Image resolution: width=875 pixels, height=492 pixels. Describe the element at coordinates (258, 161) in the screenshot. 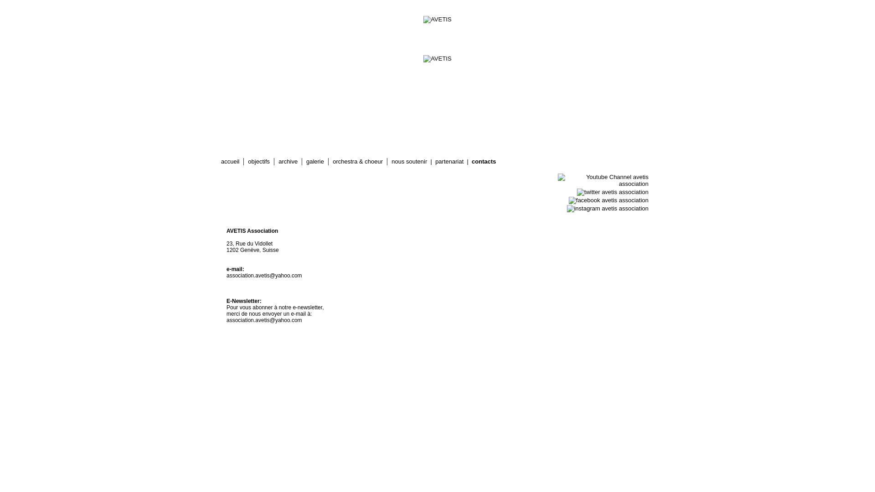

I see `'objectifs'` at that location.